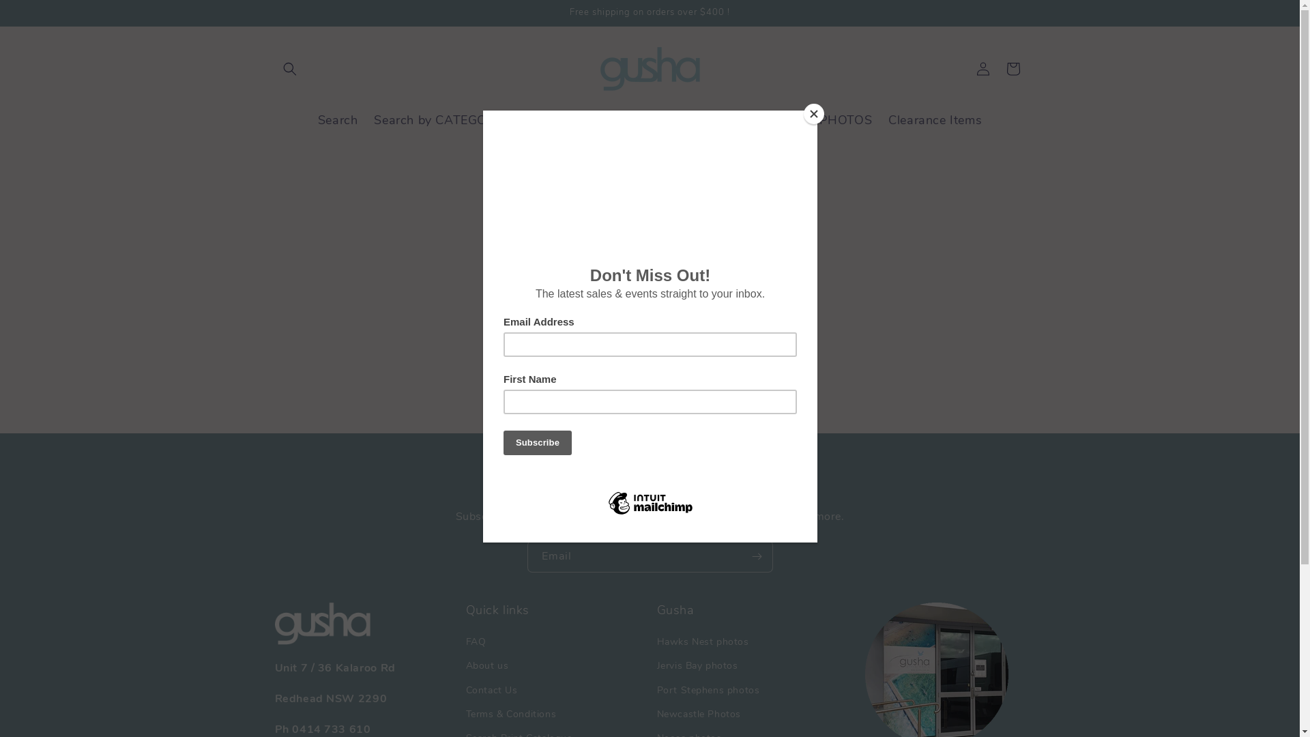 This screenshot has height=737, width=1310. Describe the element at coordinates (486, 665) in the screenshot. I see `'About us'` at that location.